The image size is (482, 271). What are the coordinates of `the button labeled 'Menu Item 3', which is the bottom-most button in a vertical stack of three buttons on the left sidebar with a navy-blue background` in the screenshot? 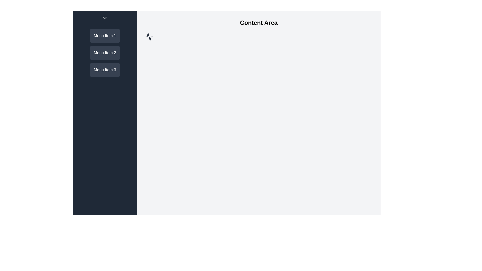 It's located at (104, 70).